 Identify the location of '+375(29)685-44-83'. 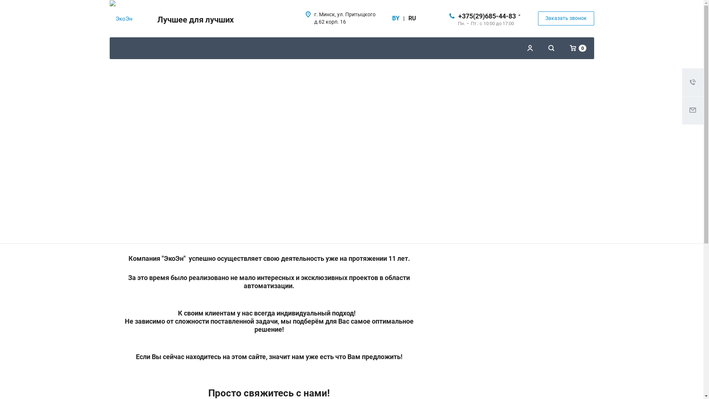
(487, 16).